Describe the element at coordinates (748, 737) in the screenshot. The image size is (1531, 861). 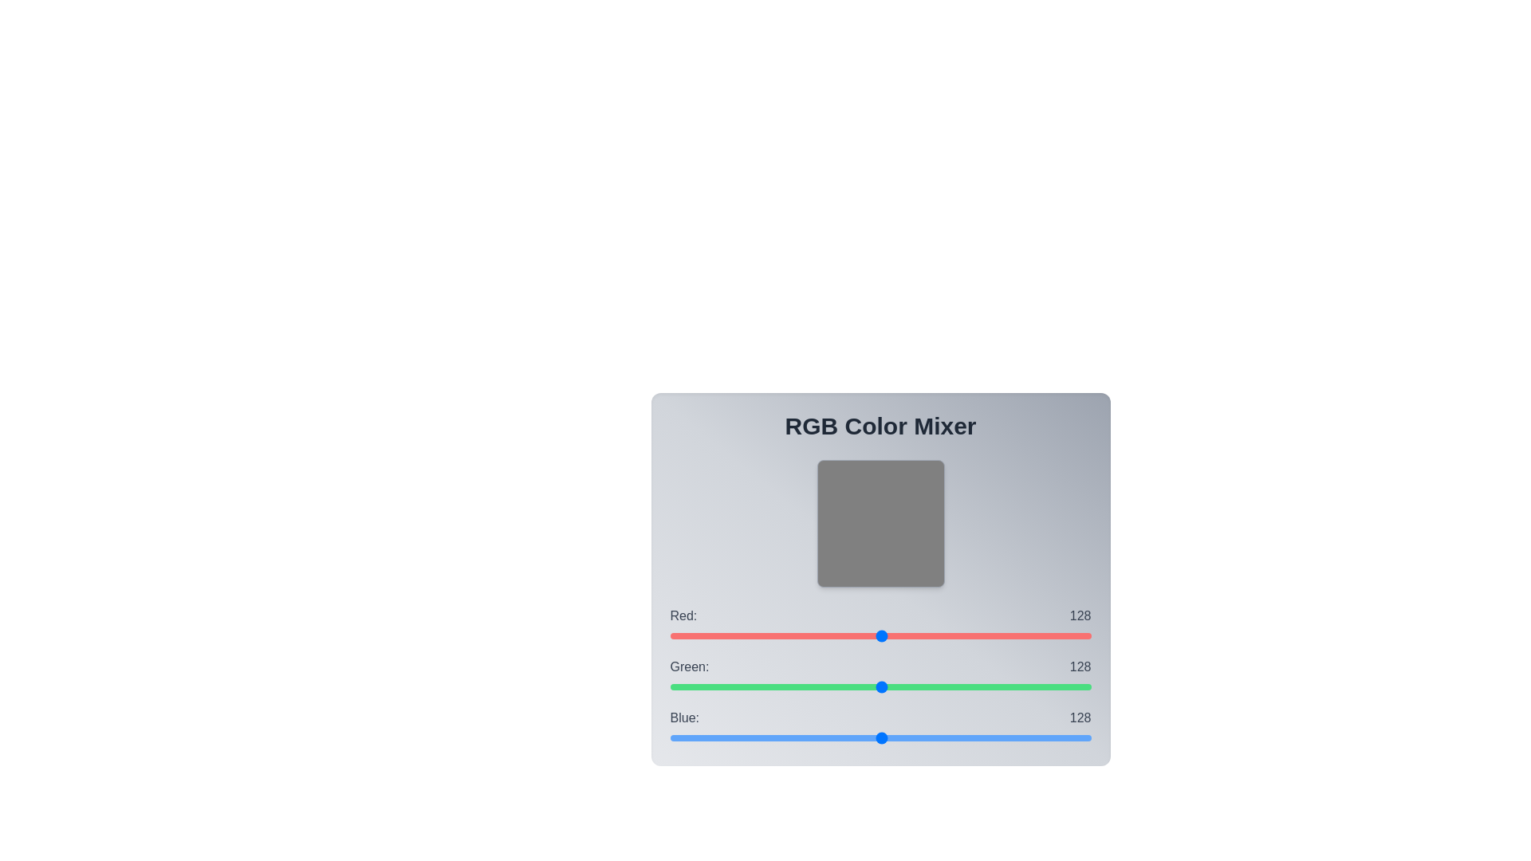
I see `the blue slider to set the blue value to 48` at that location.